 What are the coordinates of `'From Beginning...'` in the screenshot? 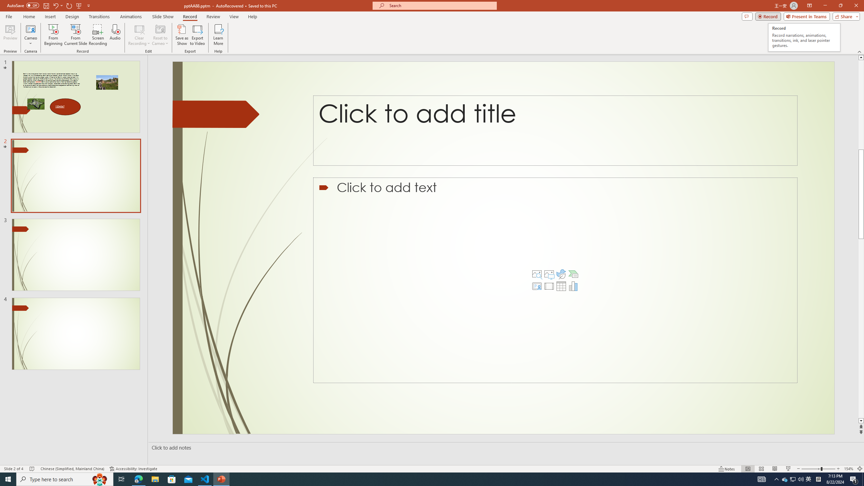 It's located at (53, 35).